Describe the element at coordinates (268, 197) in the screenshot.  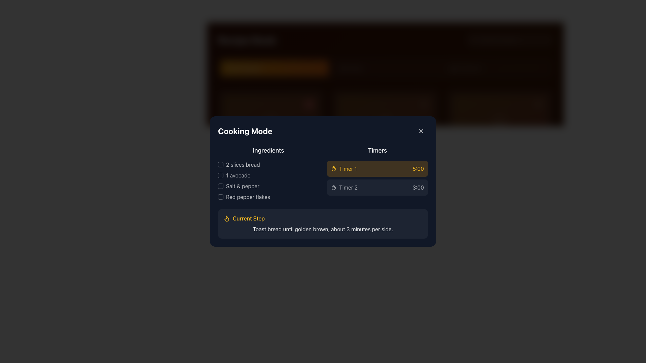
I see `the 'Red pepper flakes' text label, which is the fourth ingredient listed under the 'Ingredients' header` at that location.